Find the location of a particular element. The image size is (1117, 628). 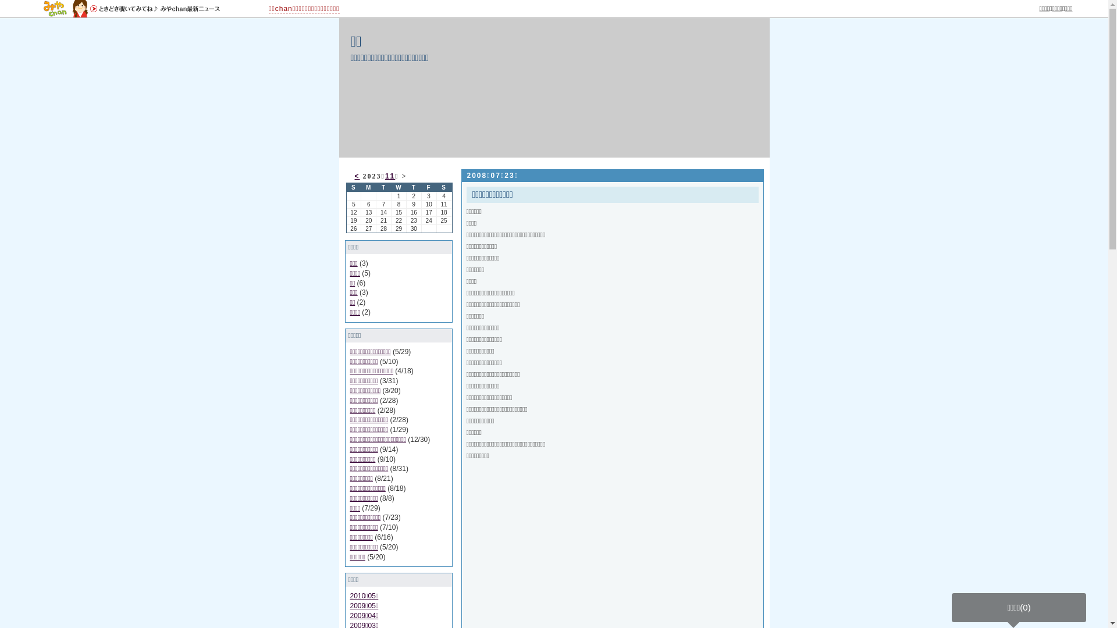

'11' is located at coordinates (390, 176).